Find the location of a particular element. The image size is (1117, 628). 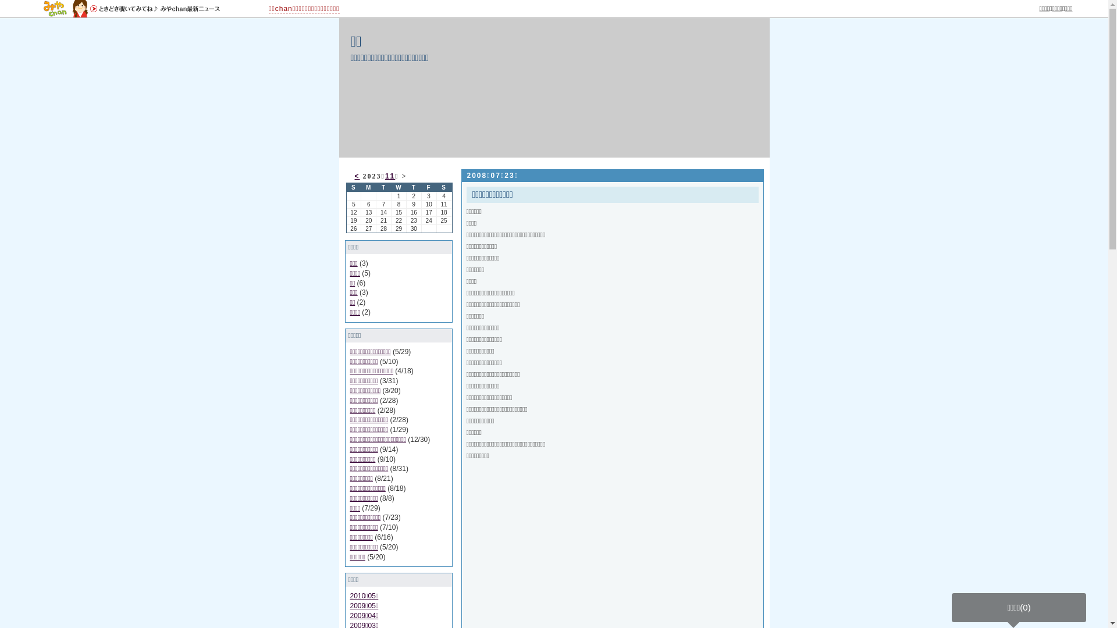

'11' is located at coordinates (390, 176).